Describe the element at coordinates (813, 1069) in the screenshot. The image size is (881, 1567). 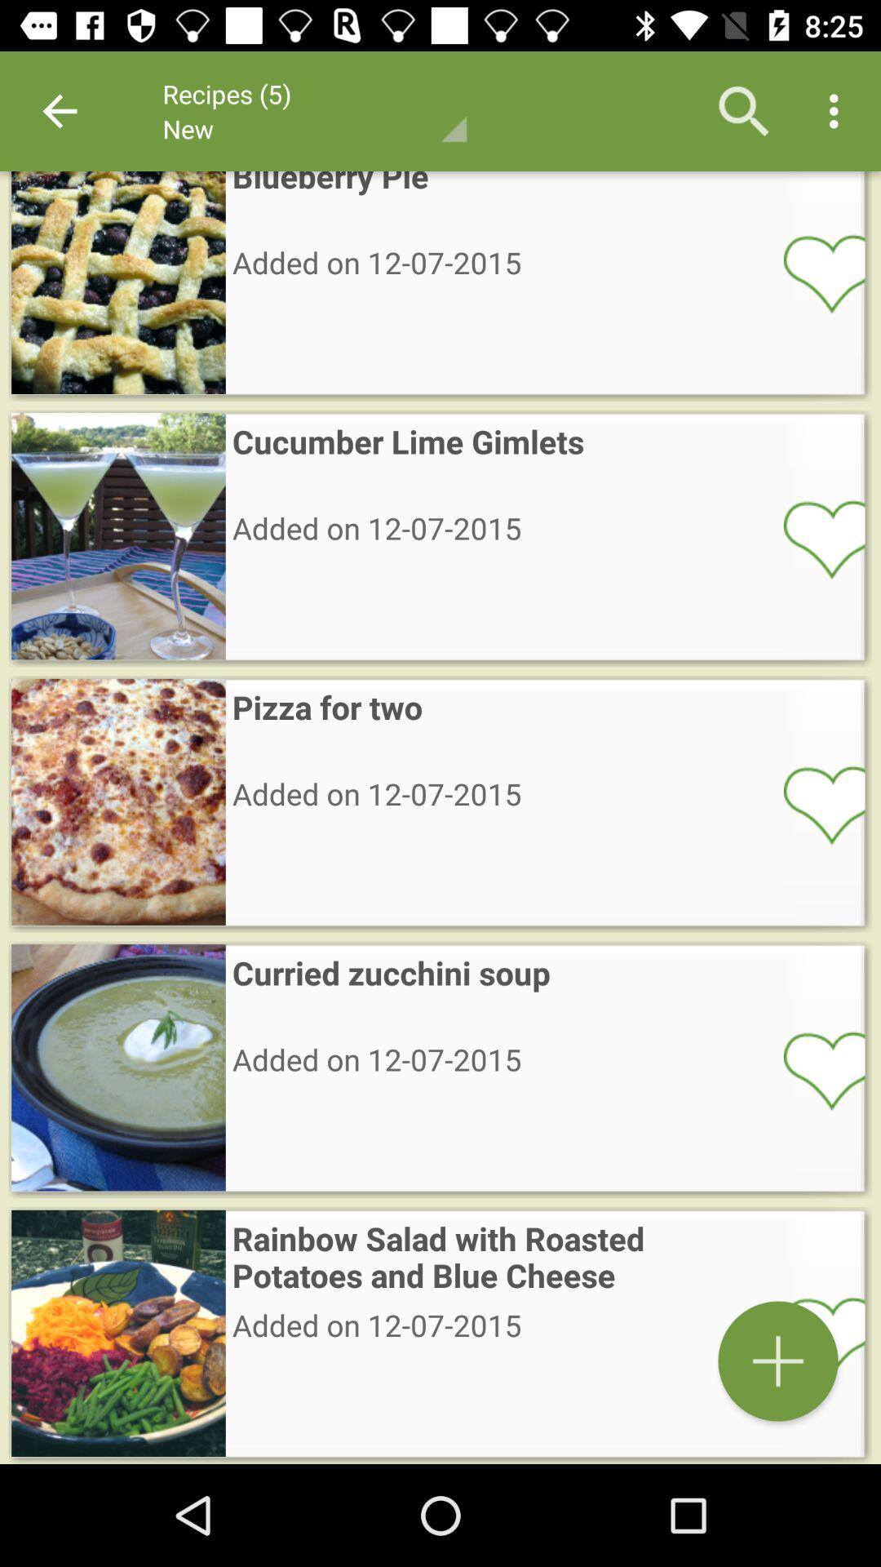
I see `to favorites` at that location.